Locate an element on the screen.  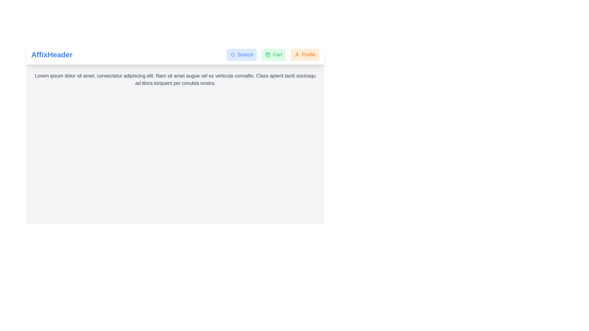
the Cart icon located in the top center-right of the interface, adjacent to the Search button is located at coordinates (268, 54).